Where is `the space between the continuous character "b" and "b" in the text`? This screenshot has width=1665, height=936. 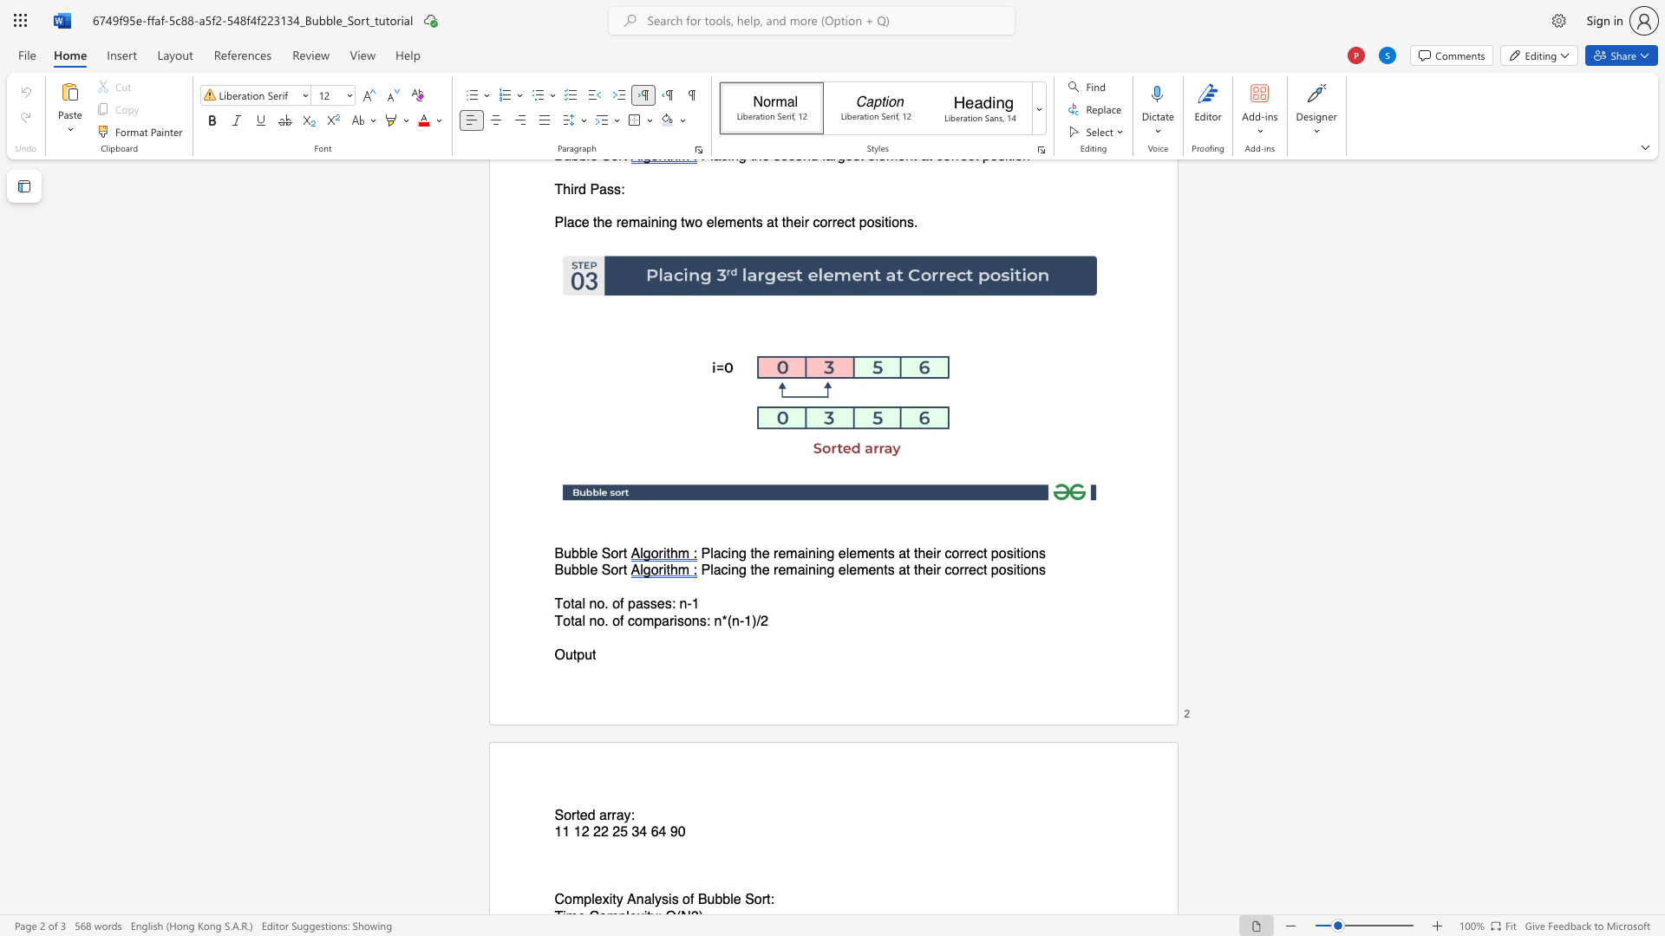 the space between the continuous character "b" and "b" in the text is located at coordinates (578, 554).